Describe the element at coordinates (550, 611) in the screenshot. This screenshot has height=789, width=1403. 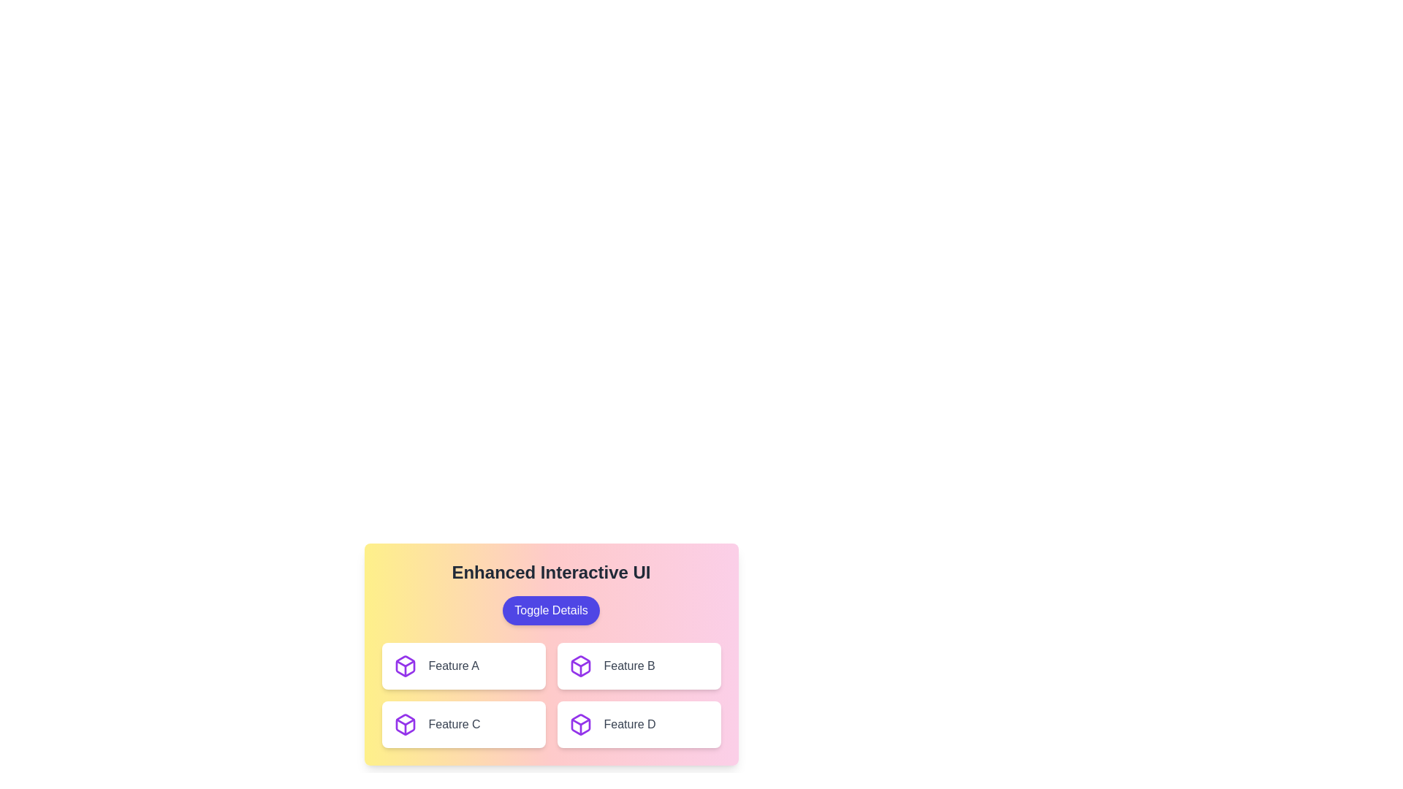
I see `the toggle visibility button located centrally below the heading 'Enhanced Interactive UI' to observe potential hover effects` at that location.